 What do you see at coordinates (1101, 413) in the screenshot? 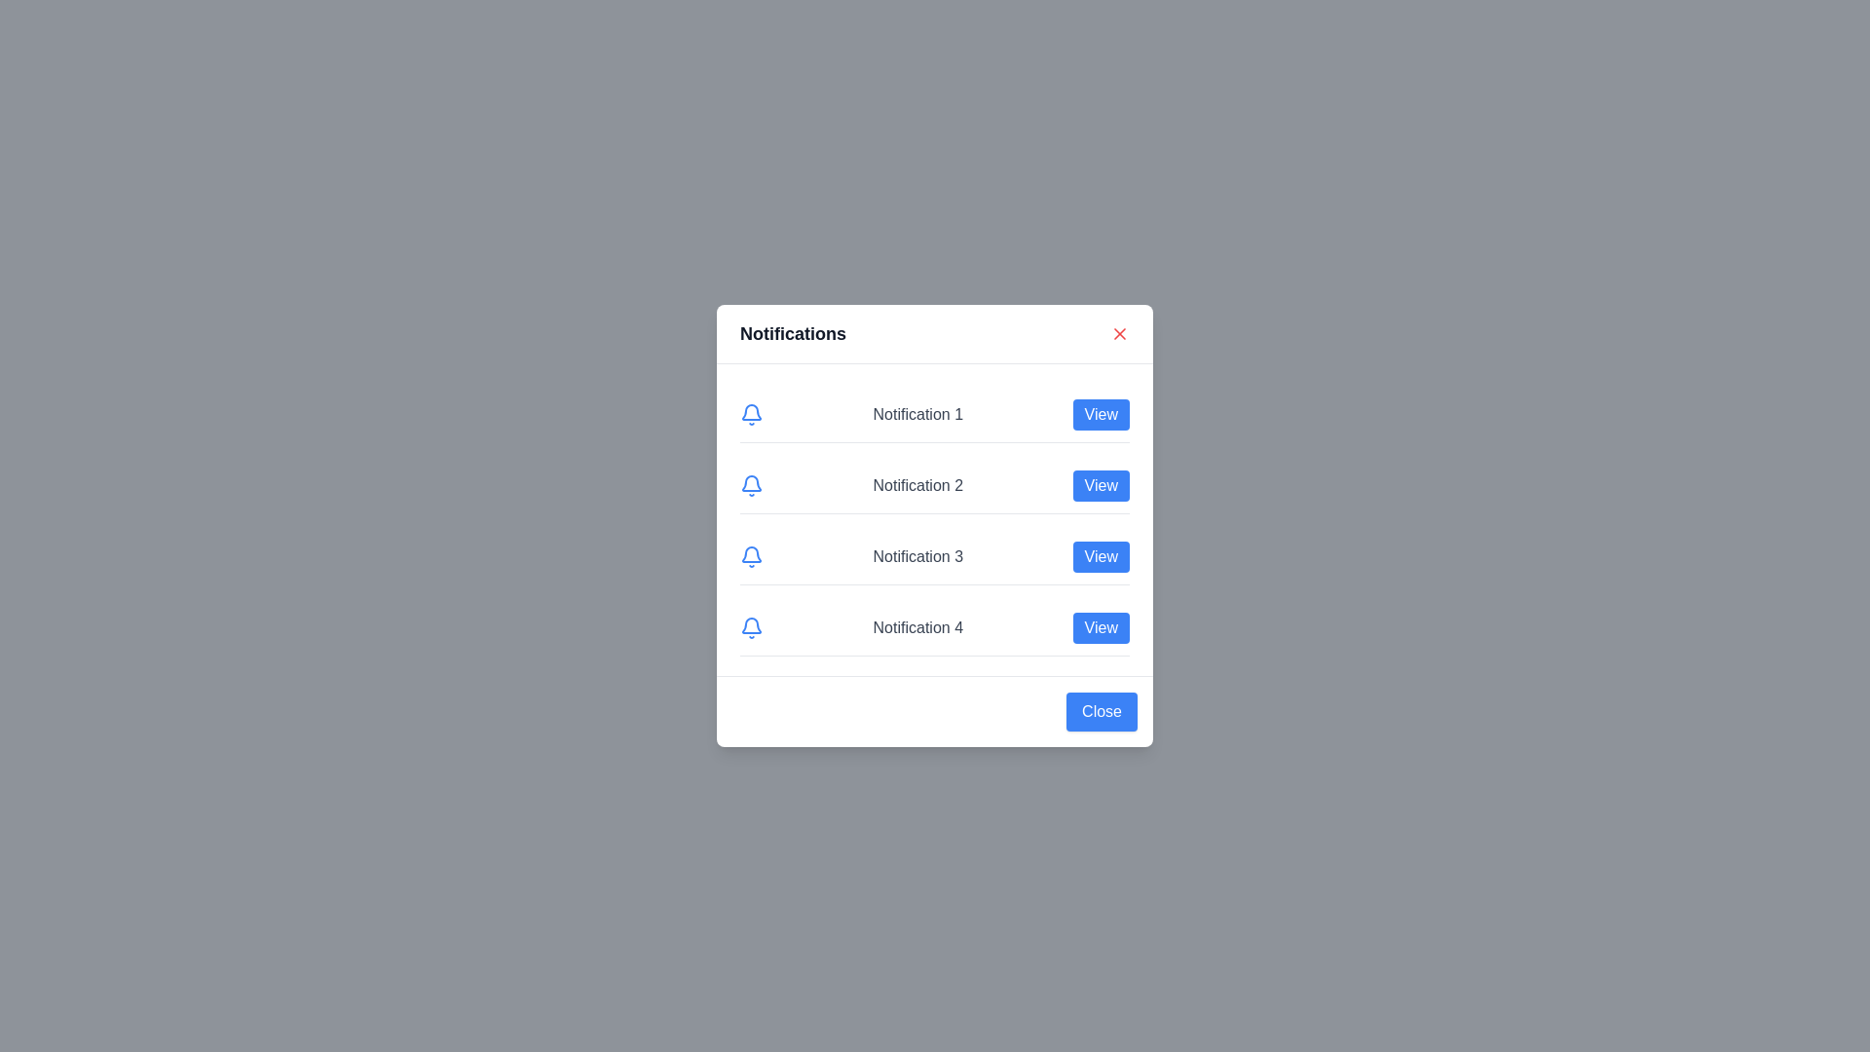
I see `the 'View' button corresponding to notification number 1` at bounding box center [1101, 413].